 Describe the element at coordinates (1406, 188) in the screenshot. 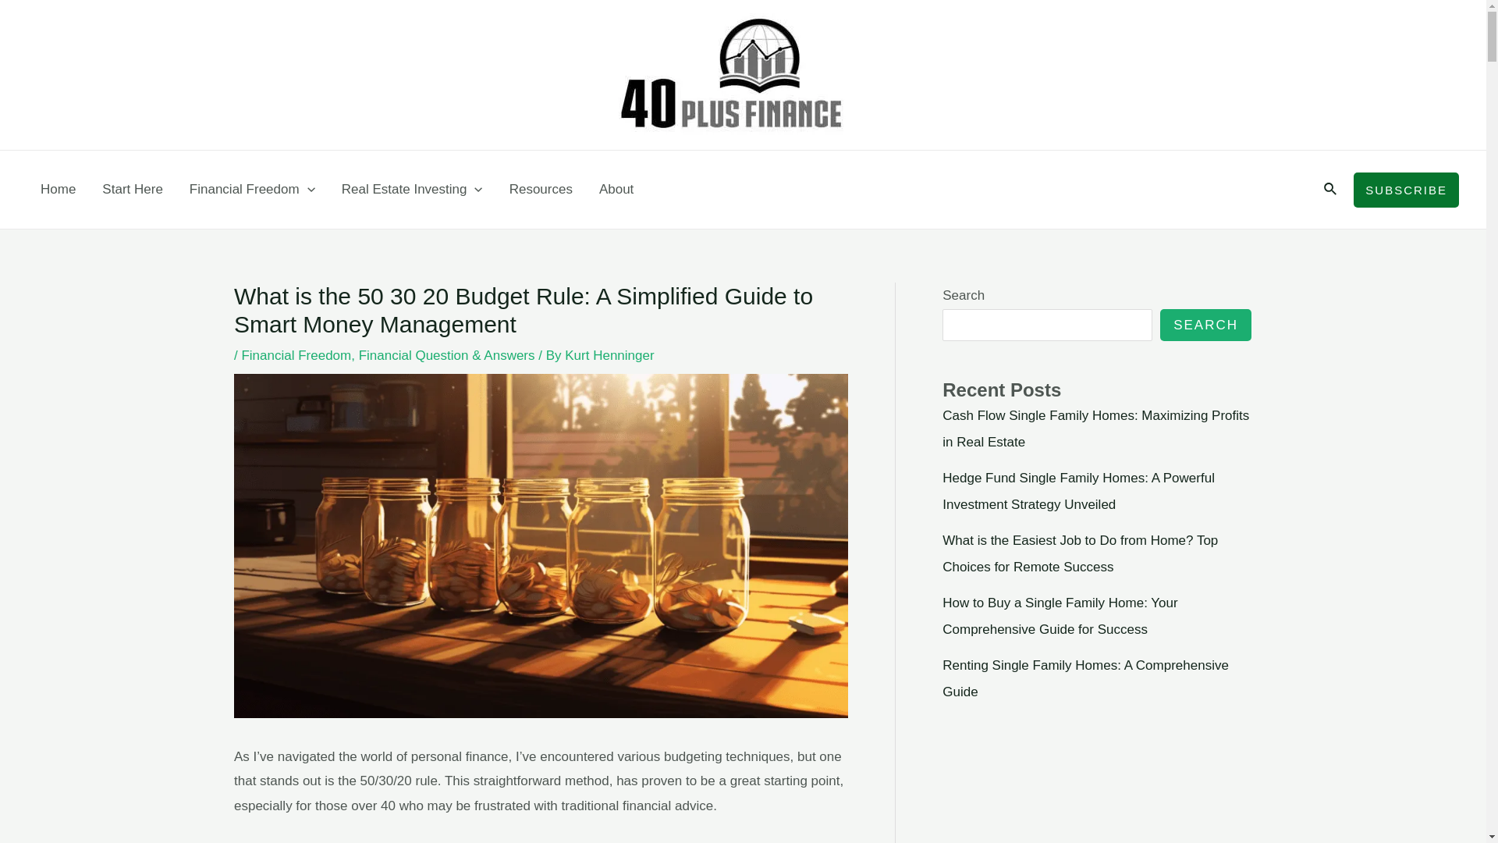

I see `'SUBSCRIBE'` at that location.